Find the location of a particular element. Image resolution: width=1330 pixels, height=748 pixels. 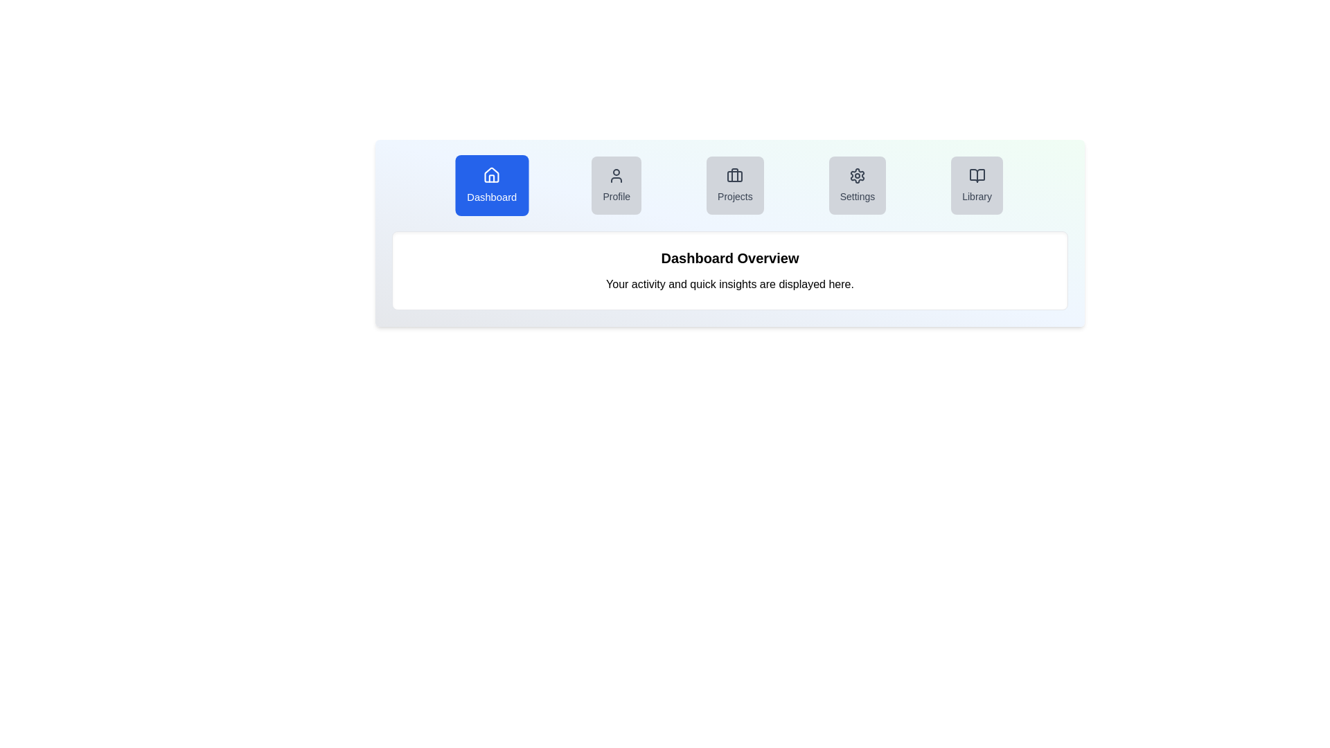

the rightmost button in a row of five buttons, which is adjacent to the 'Settings' button, to trigger hover effects is located at coordinates (976, 184).